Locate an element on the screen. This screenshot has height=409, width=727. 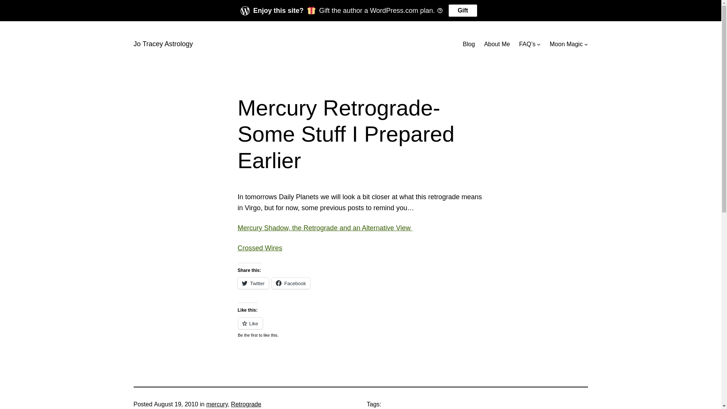
'Blog' is located at coordinates (468, 44).